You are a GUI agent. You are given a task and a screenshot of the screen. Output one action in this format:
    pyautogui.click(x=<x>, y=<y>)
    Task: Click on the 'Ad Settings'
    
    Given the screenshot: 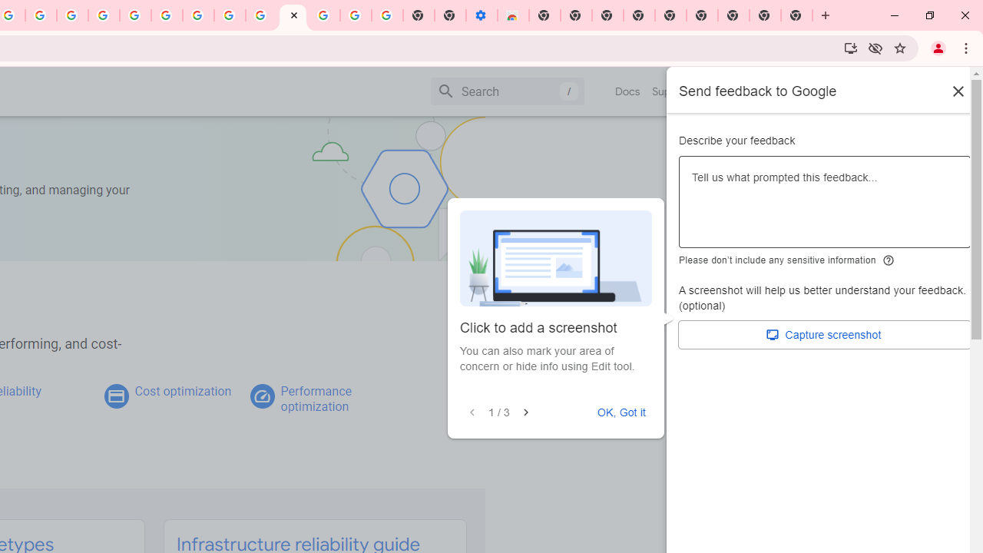 What is the action you would take?
    pyautogui.click(x=103, y=15)
    